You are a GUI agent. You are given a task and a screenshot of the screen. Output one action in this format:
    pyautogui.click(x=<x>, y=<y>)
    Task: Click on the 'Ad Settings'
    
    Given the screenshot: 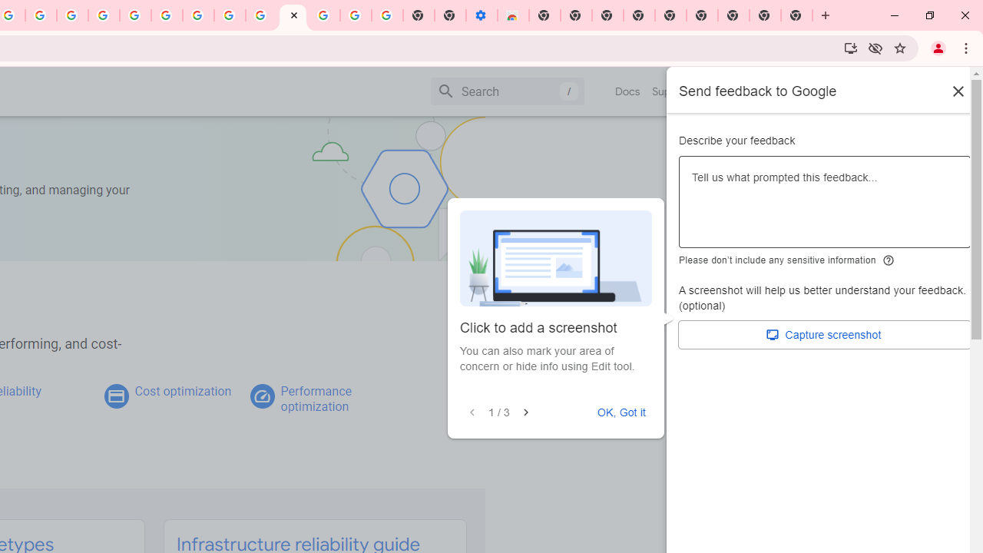 What is the action you would take?
    pyautogui.click(x=103, y=15)
    